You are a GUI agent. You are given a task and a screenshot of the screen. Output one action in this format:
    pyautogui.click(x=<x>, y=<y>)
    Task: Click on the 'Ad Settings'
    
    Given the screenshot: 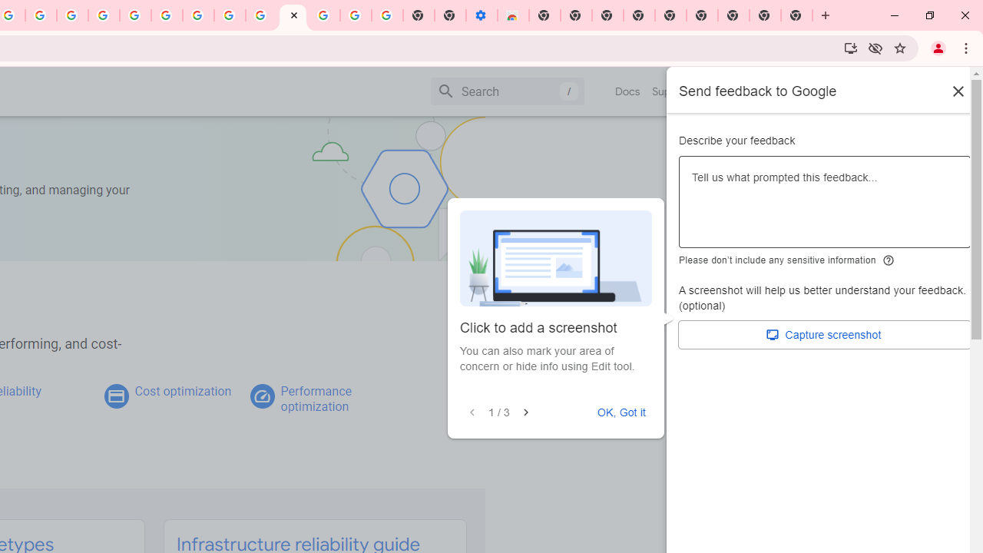 What is the action you would take?
    pyautogui.click(x=103, y=15)
    